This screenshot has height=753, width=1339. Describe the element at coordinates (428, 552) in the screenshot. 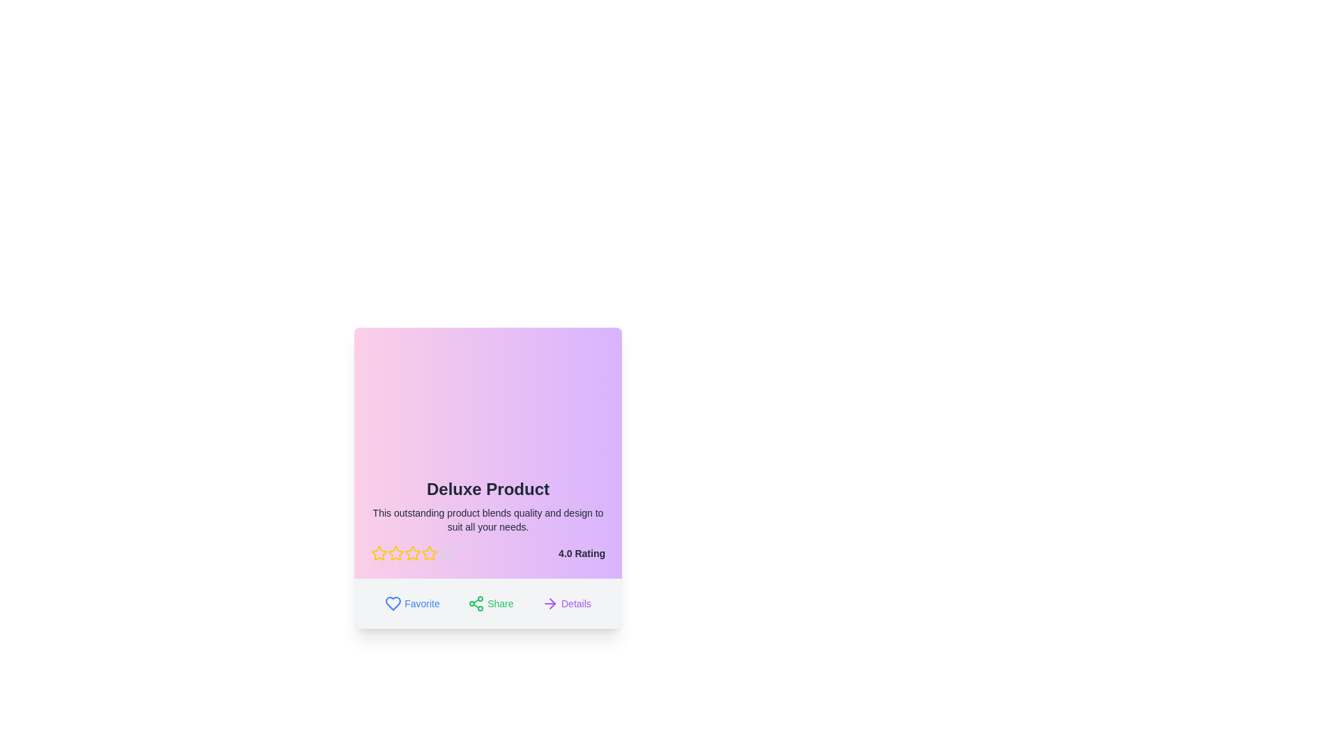

I see `the third star icon in the rating interface to assign a three-star rating to the 'Deluxe Product'` at that location.